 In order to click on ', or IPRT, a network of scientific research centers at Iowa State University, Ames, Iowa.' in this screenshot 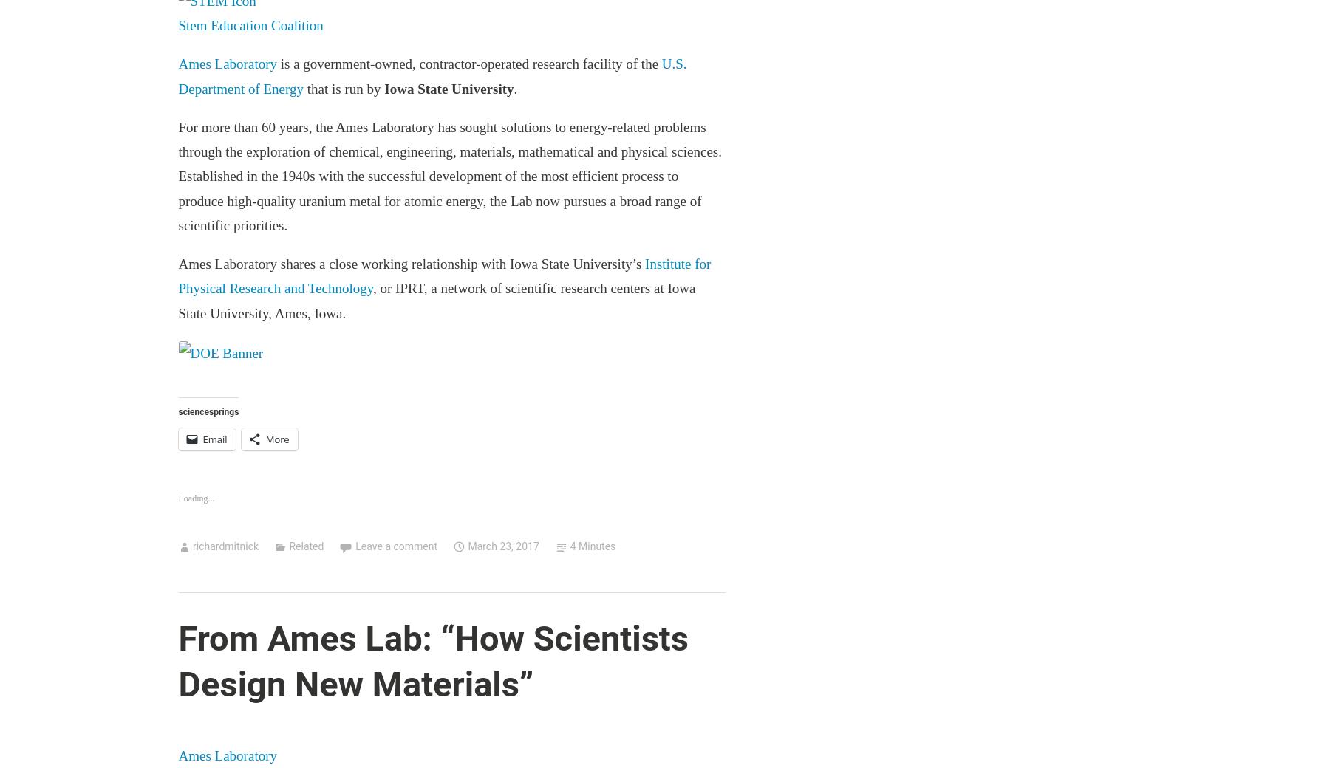, I will do `click(436, 300)`.